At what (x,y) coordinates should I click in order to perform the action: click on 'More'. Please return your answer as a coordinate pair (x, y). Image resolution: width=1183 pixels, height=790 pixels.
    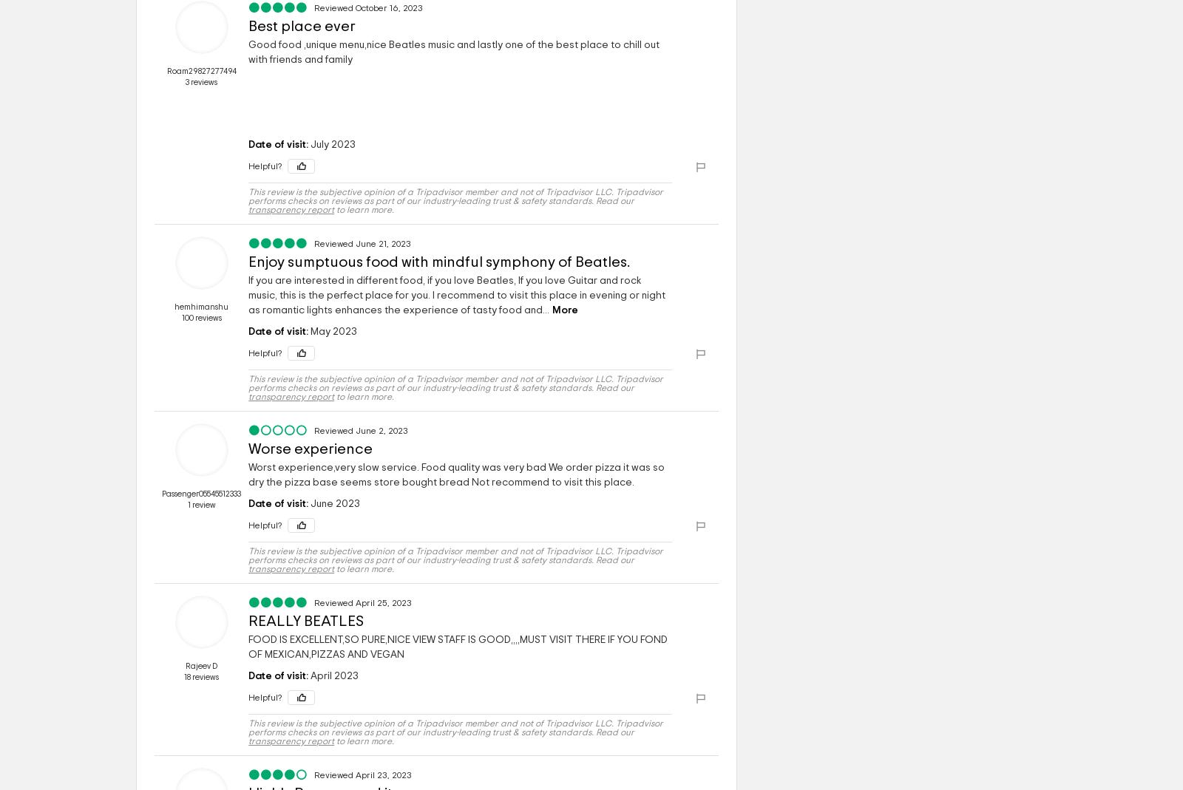
    Looking at the image, I should click on (565, 310).